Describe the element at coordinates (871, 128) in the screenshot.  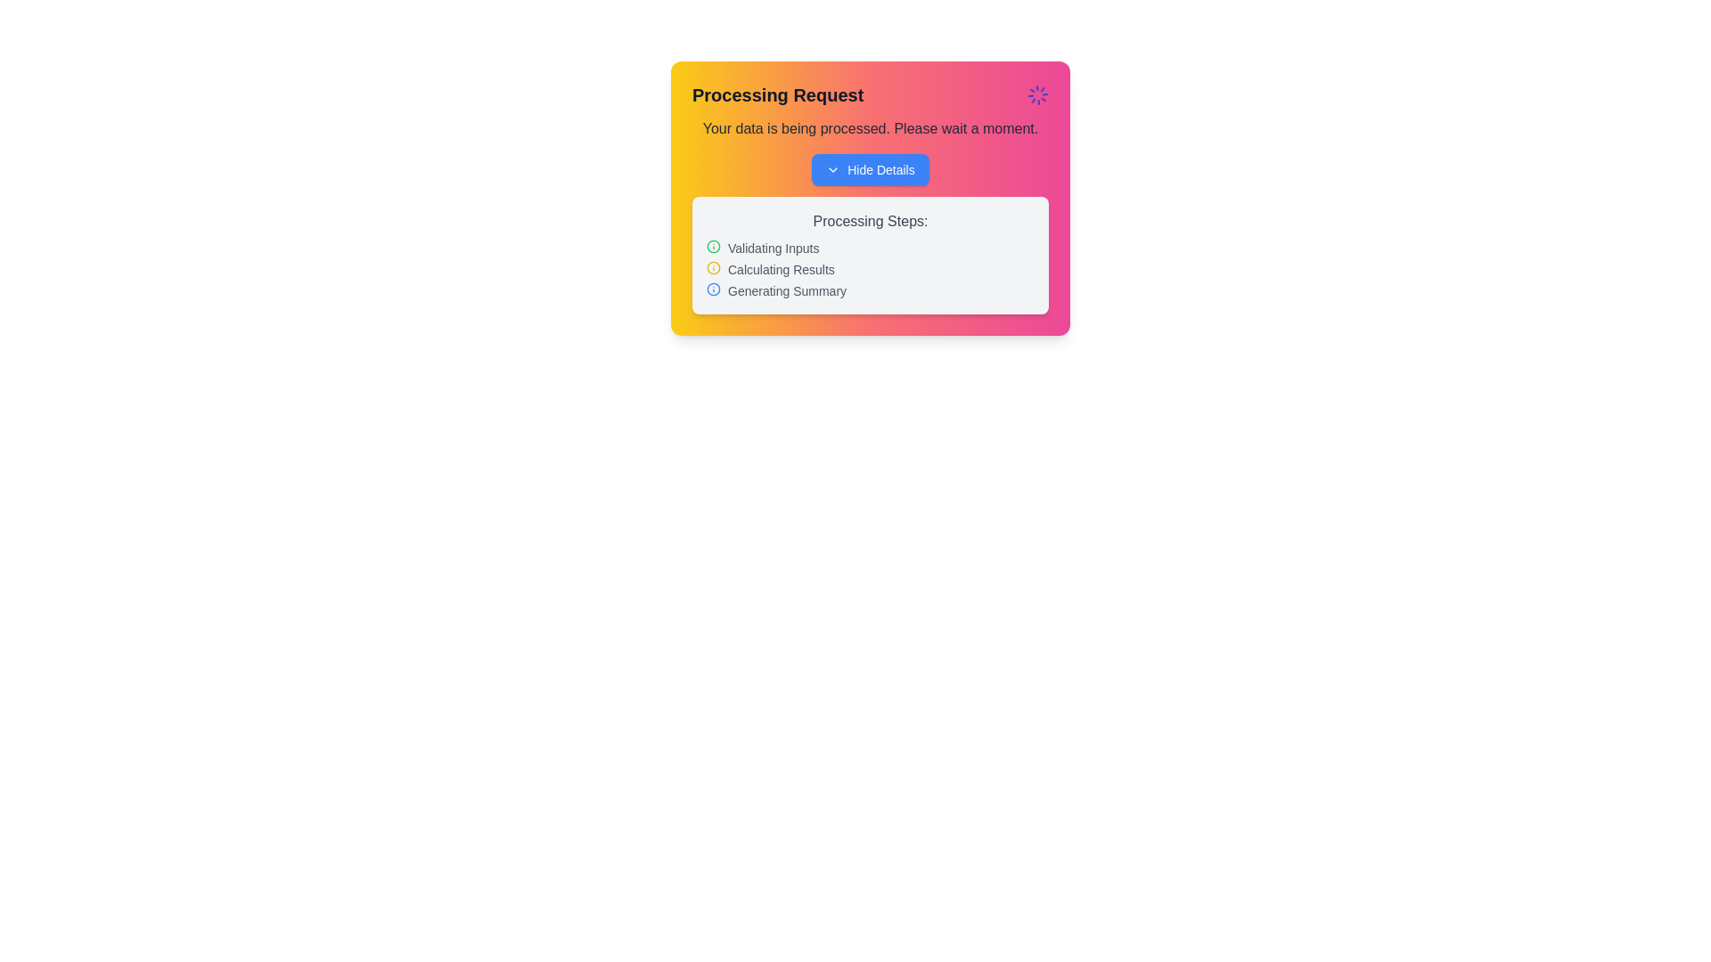
I see `the non-interactive text label that displays the status message 'Your data is being processed. Please wait a moment.' located below the header 'Processing Request'` at that location.